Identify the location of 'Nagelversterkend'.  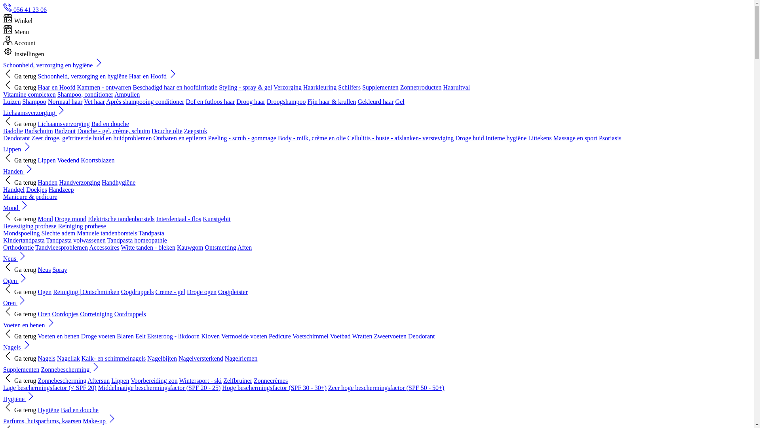
(201, 358).